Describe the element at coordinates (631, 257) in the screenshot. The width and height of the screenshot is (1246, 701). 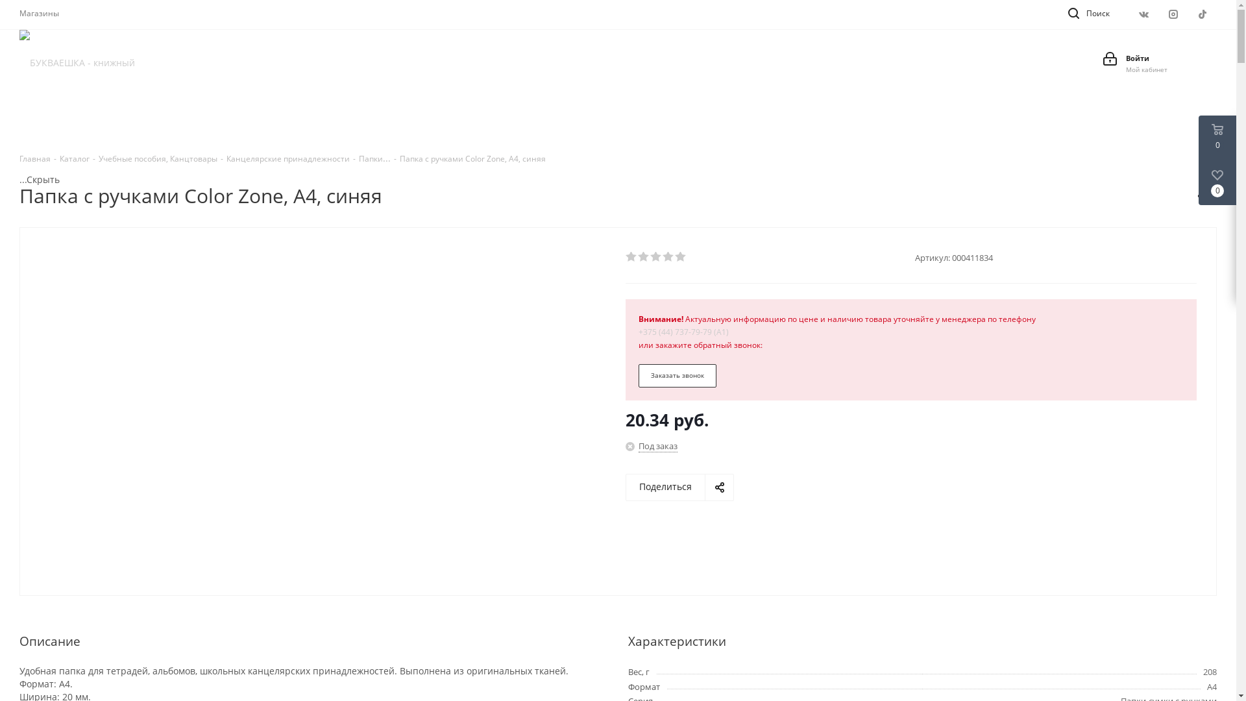
I see `'1'` at that location.